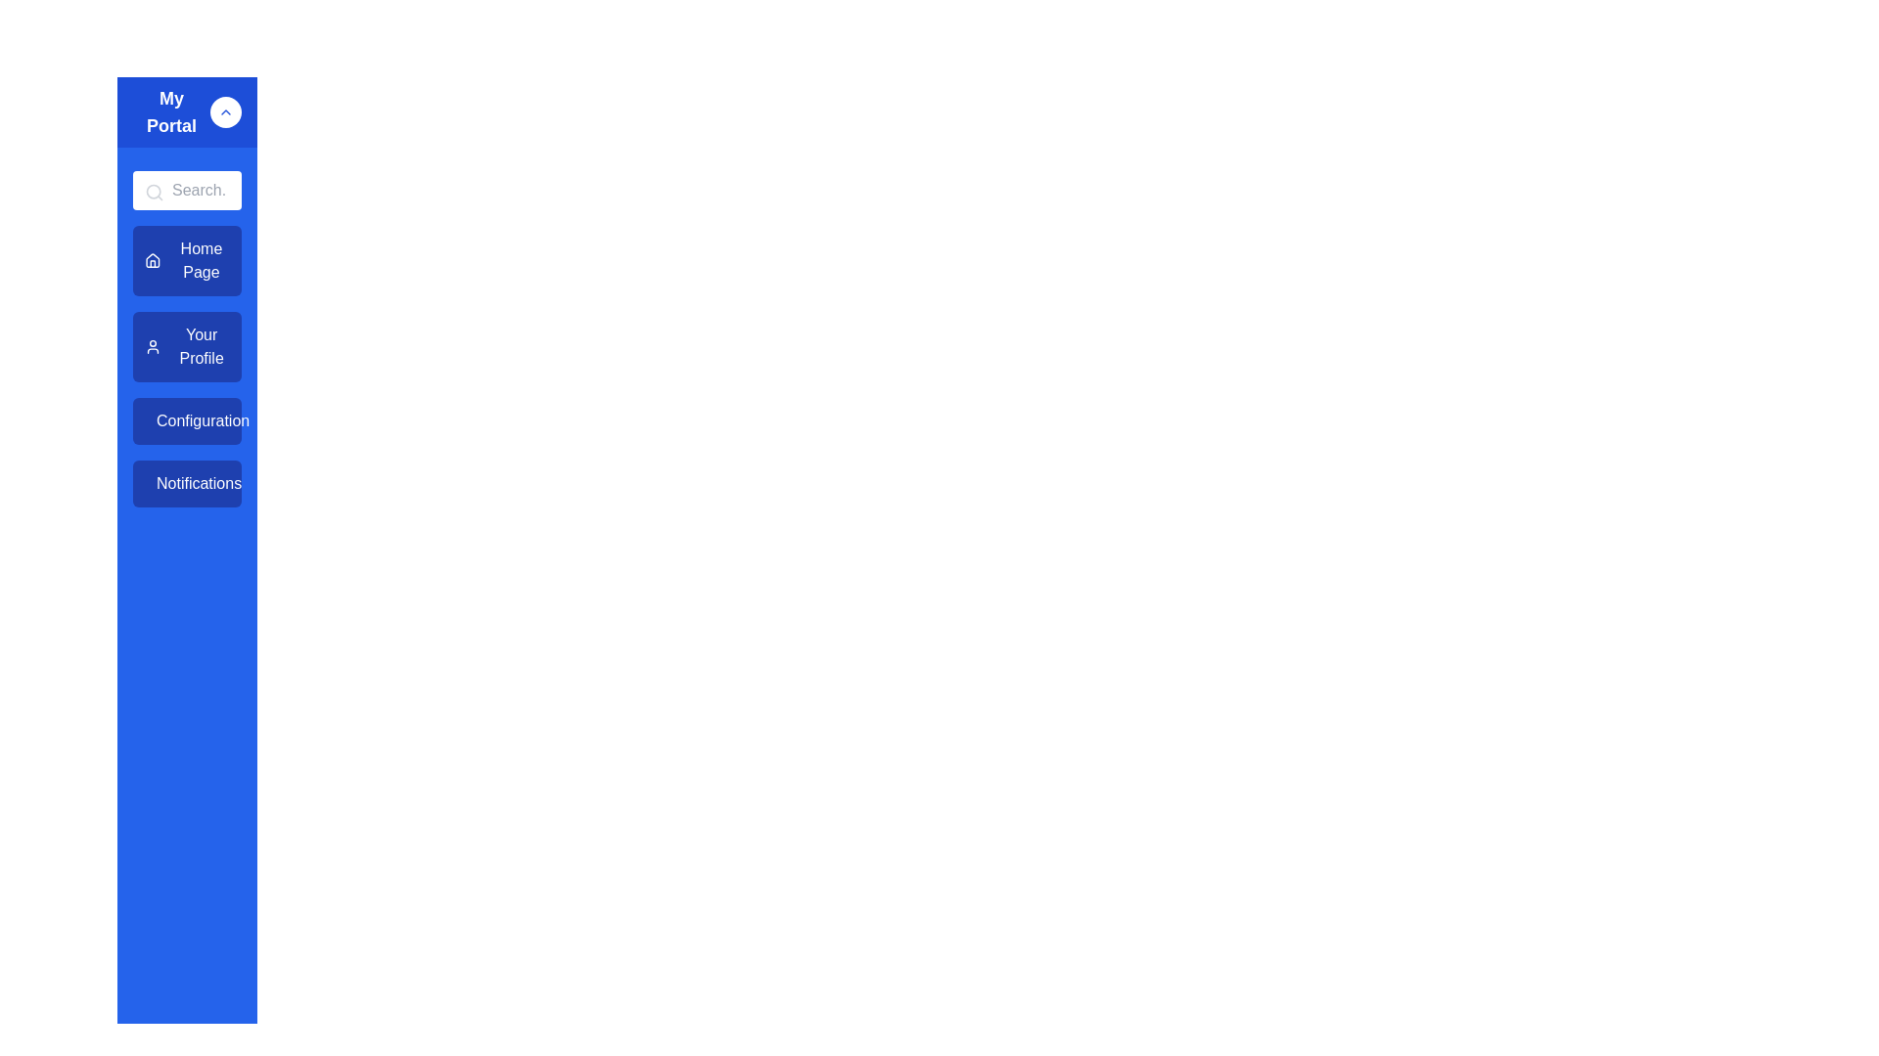 The height and width of the screenshot is (1056, 1879). Describe the element at coordinates (152, 259) in the screenshot. I see `the house icon element representing the 'Home Page' navigation button, located in the sidebar navigation menu` at that location.